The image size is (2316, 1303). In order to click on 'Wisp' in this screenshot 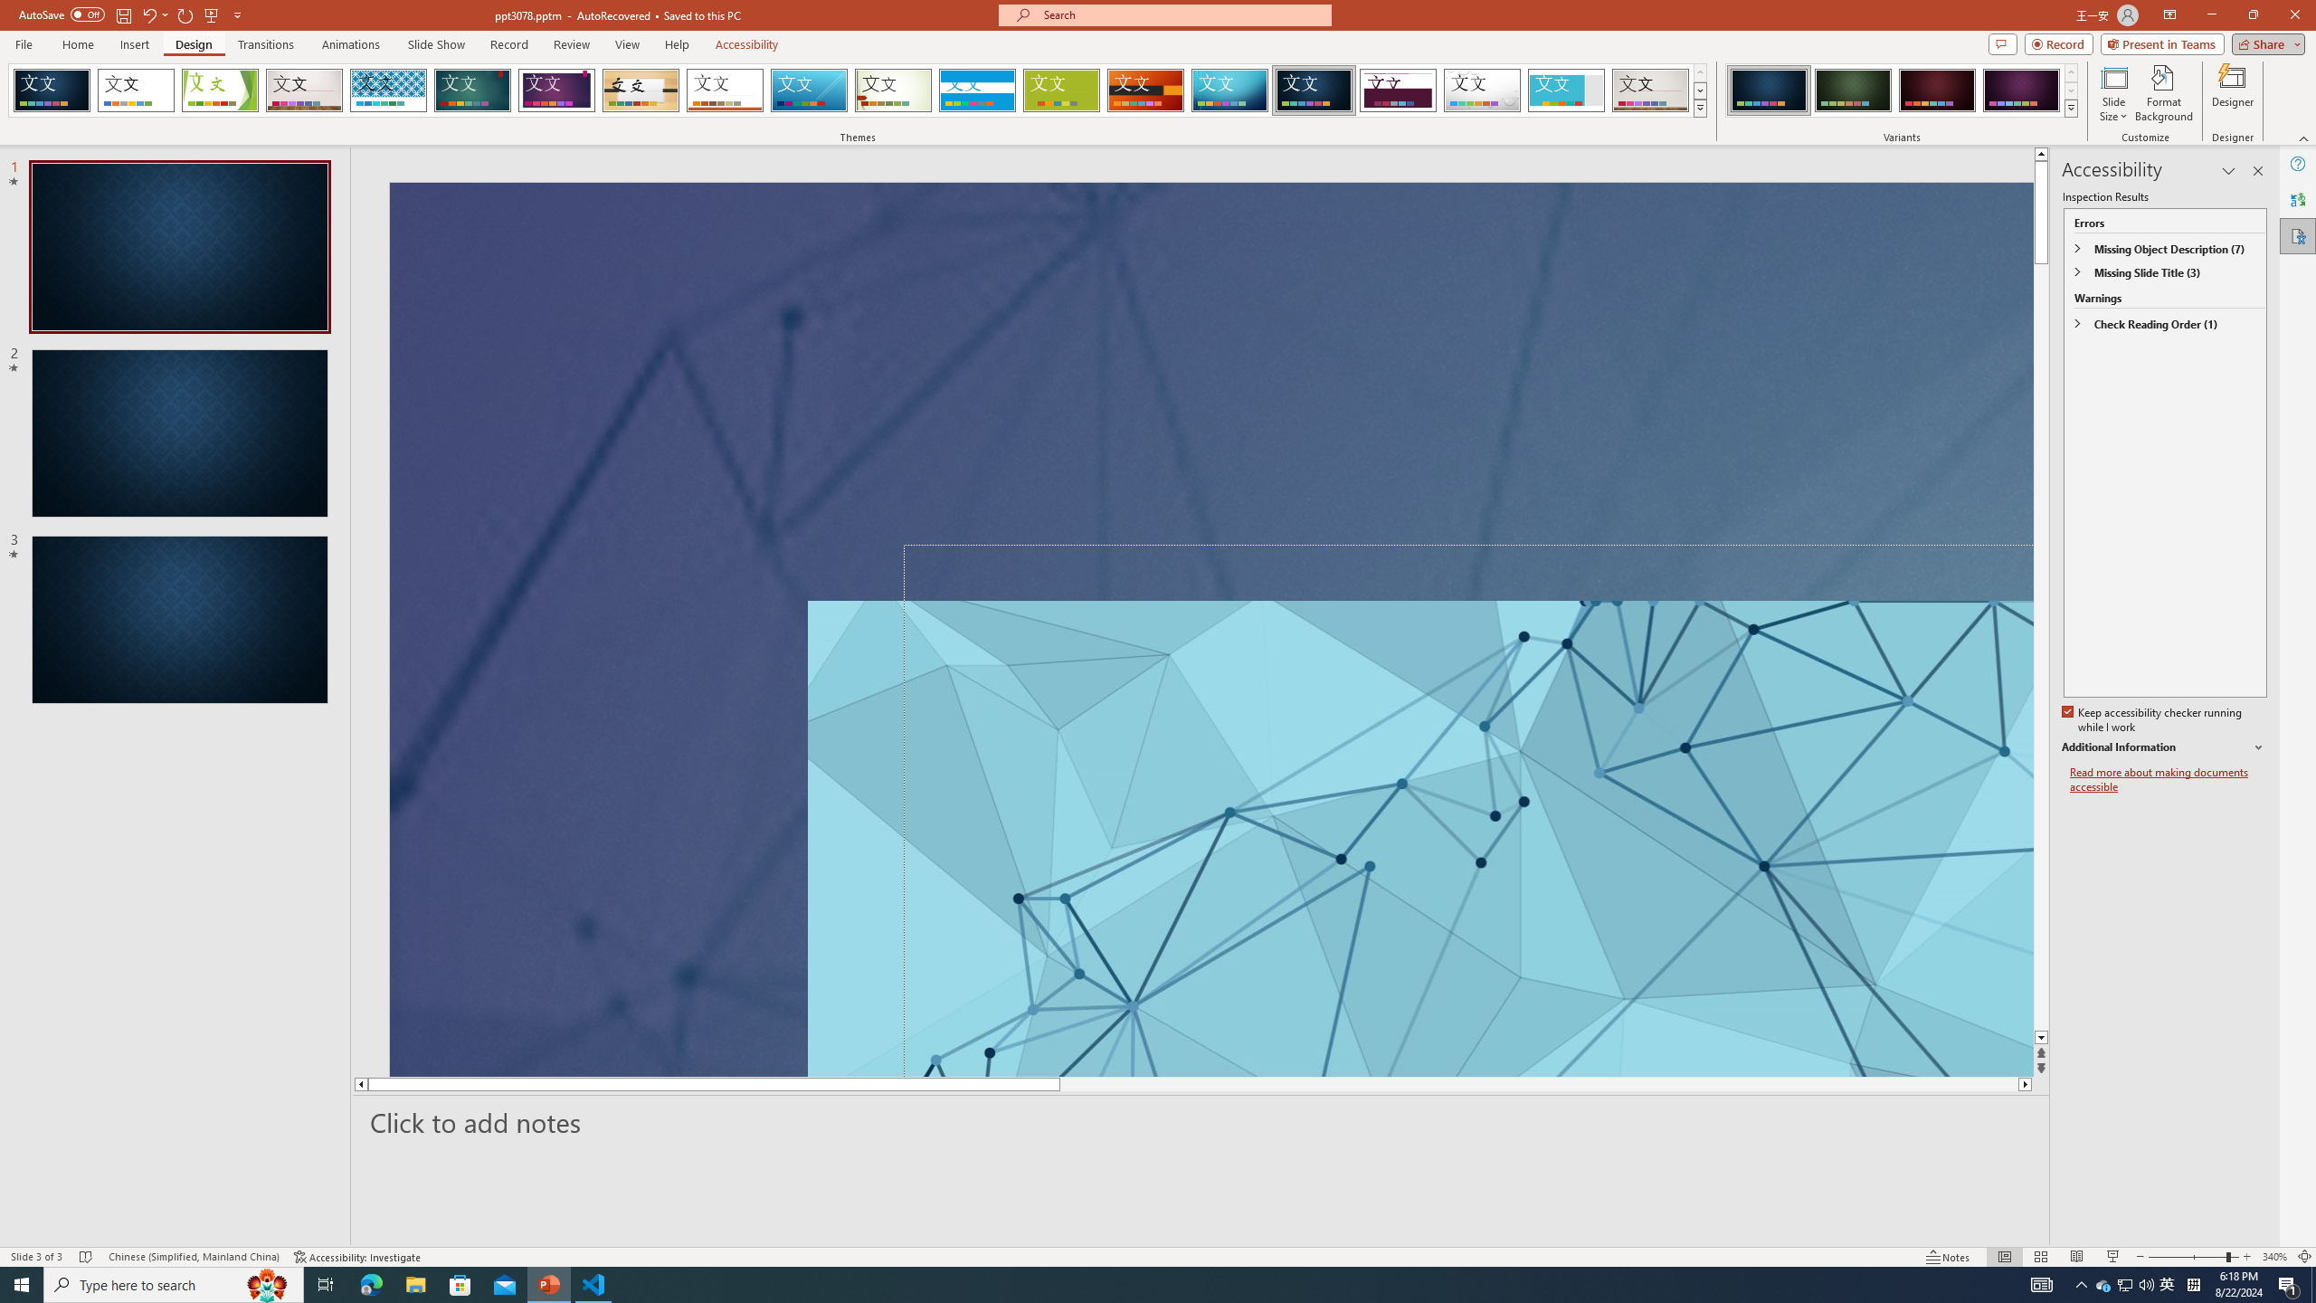, I will do `click(893, 90)`.